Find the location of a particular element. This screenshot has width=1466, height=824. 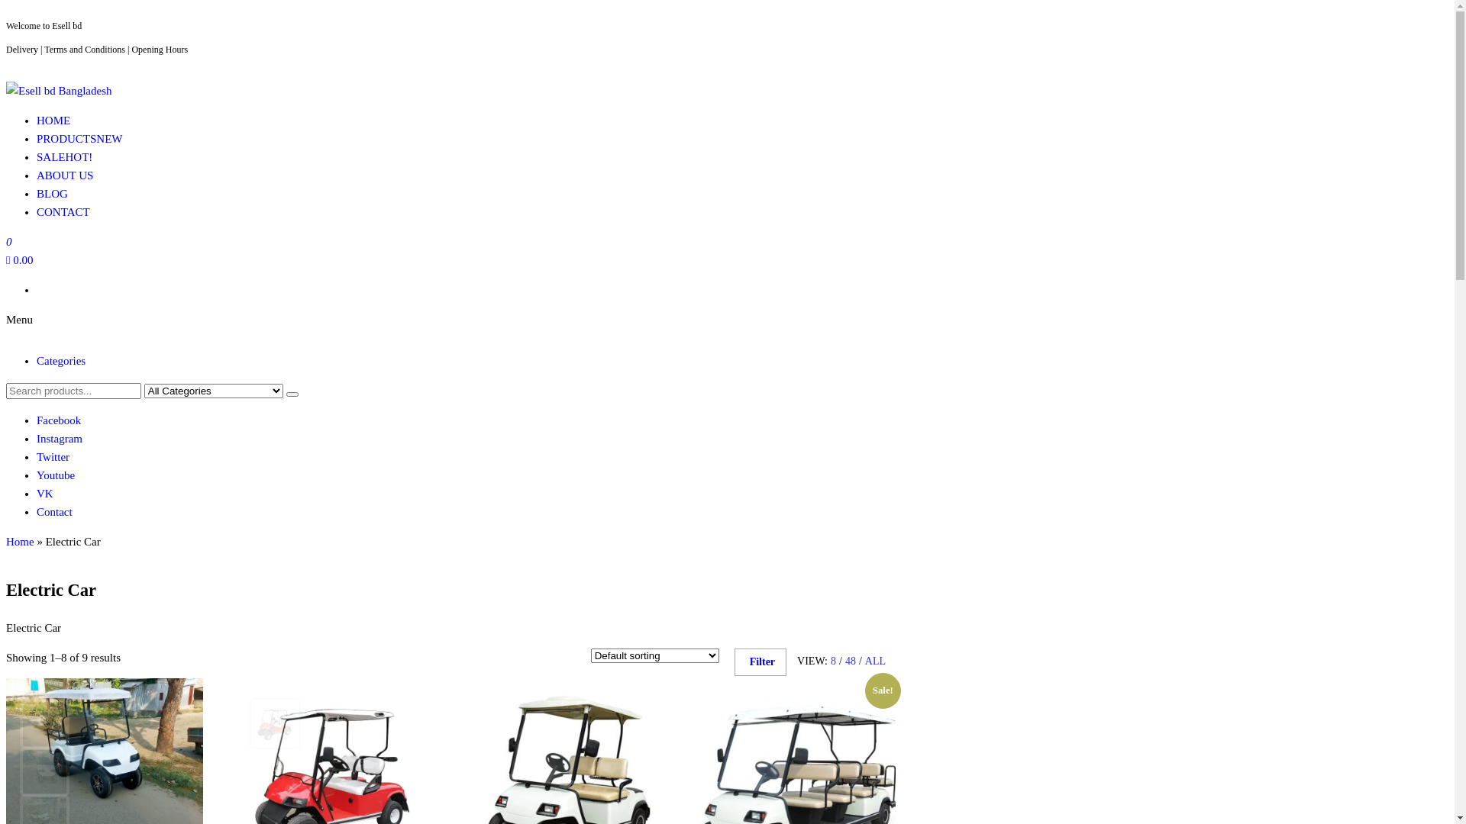

'HOME' is located at coordinates (53, 120).